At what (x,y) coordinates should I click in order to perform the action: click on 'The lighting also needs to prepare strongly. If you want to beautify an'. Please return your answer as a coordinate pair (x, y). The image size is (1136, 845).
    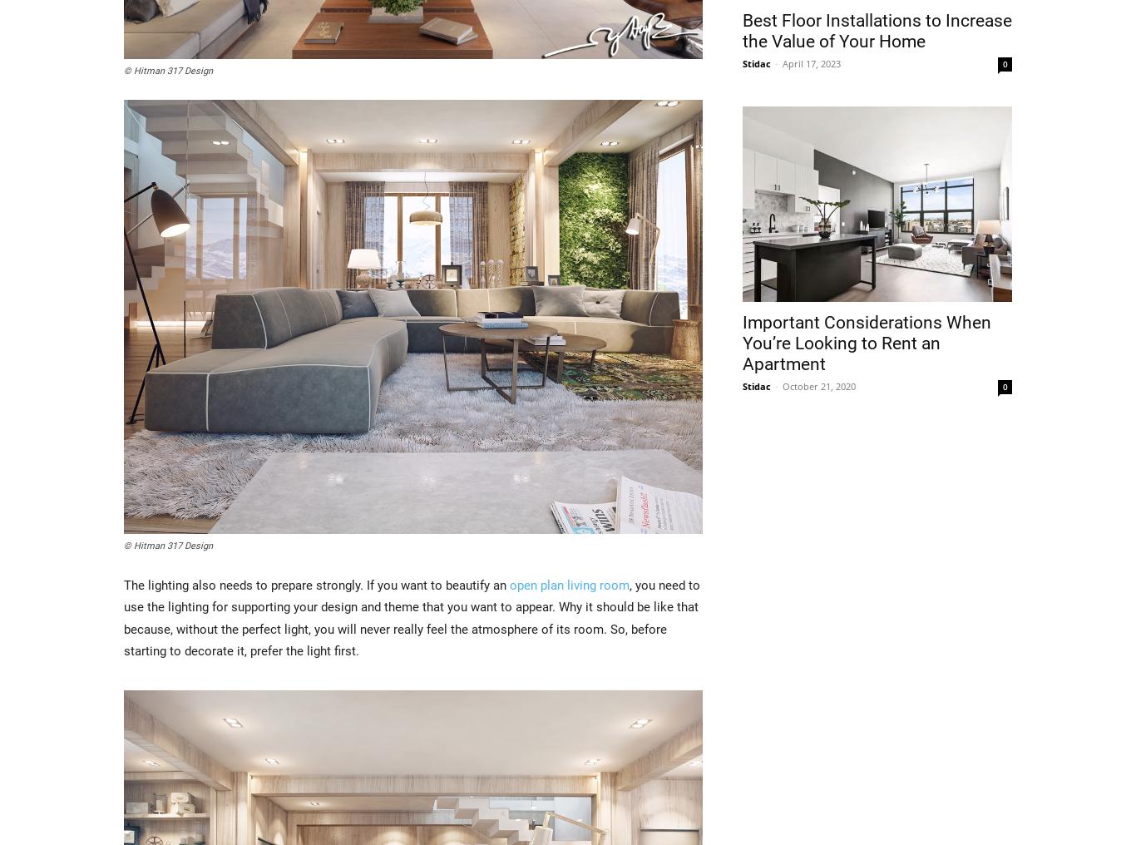
    Looking at the image, I should click on (315, 585).